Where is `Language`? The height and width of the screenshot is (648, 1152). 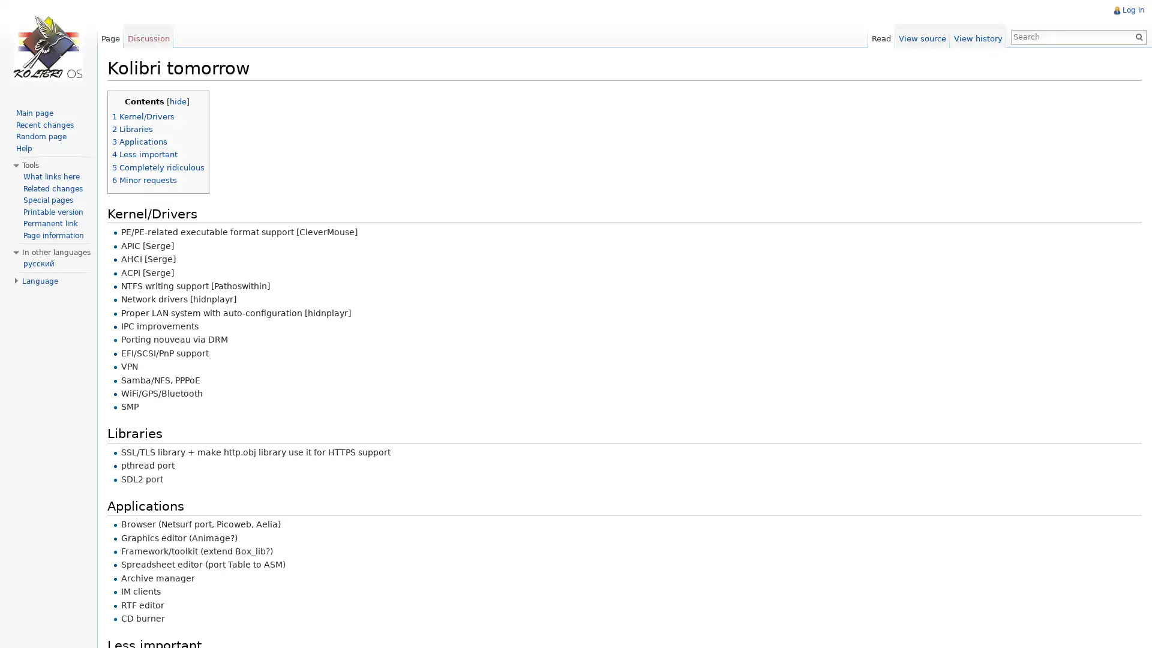
Language is located at coordinates (40, 280).